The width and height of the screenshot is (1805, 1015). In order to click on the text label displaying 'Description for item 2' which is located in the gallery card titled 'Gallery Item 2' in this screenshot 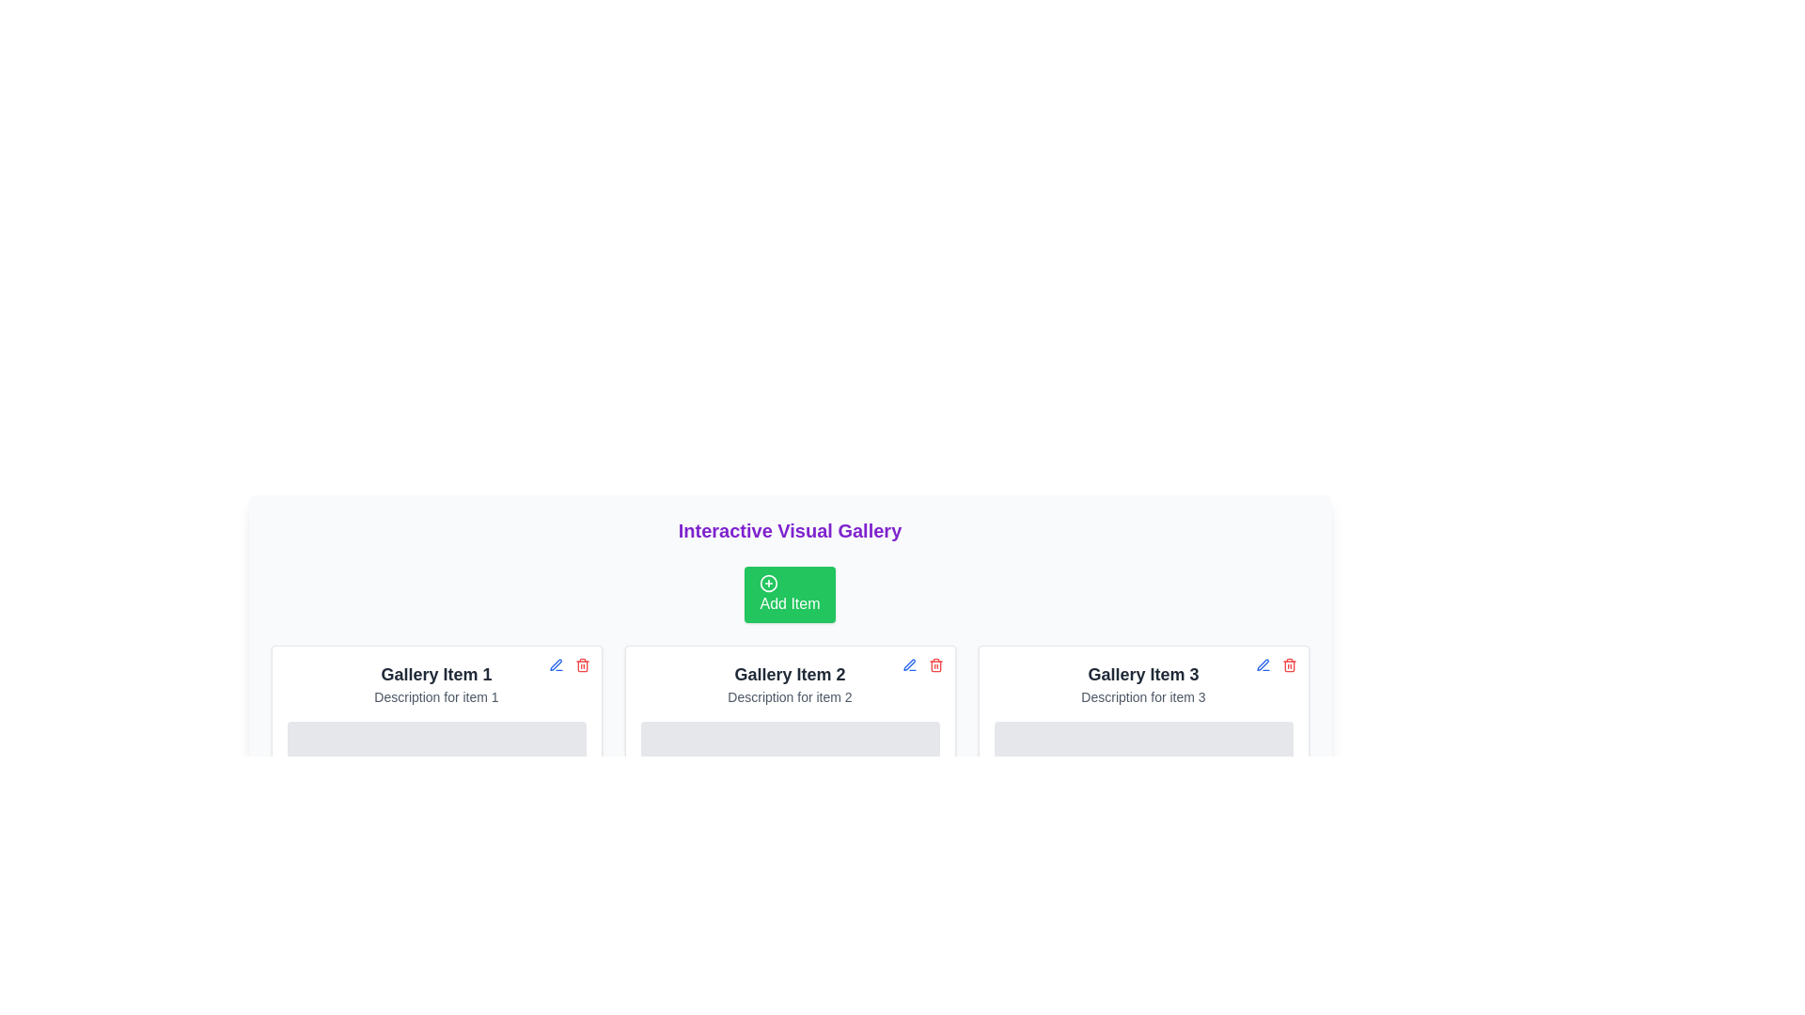, I will do `click(790, 696)`.